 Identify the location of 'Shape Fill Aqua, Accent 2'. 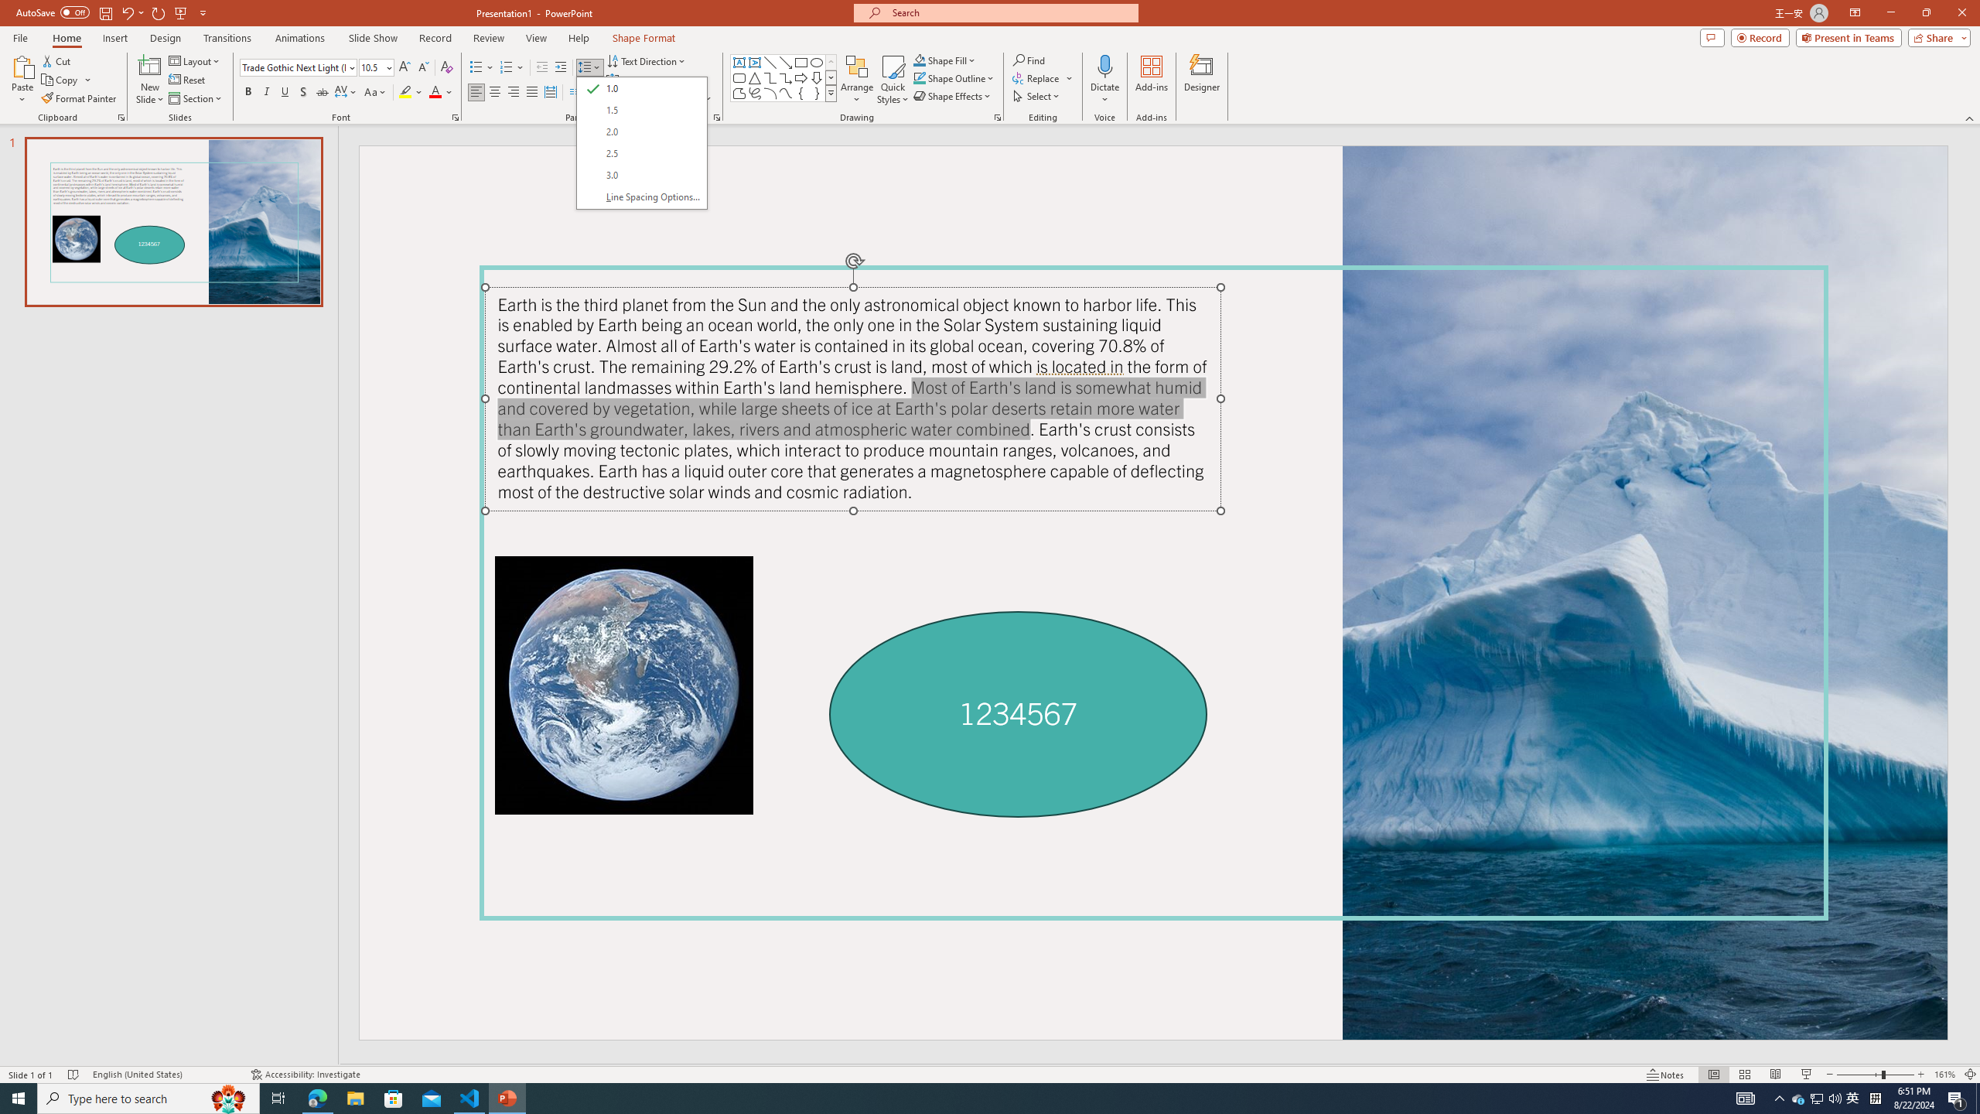
(920, 60).